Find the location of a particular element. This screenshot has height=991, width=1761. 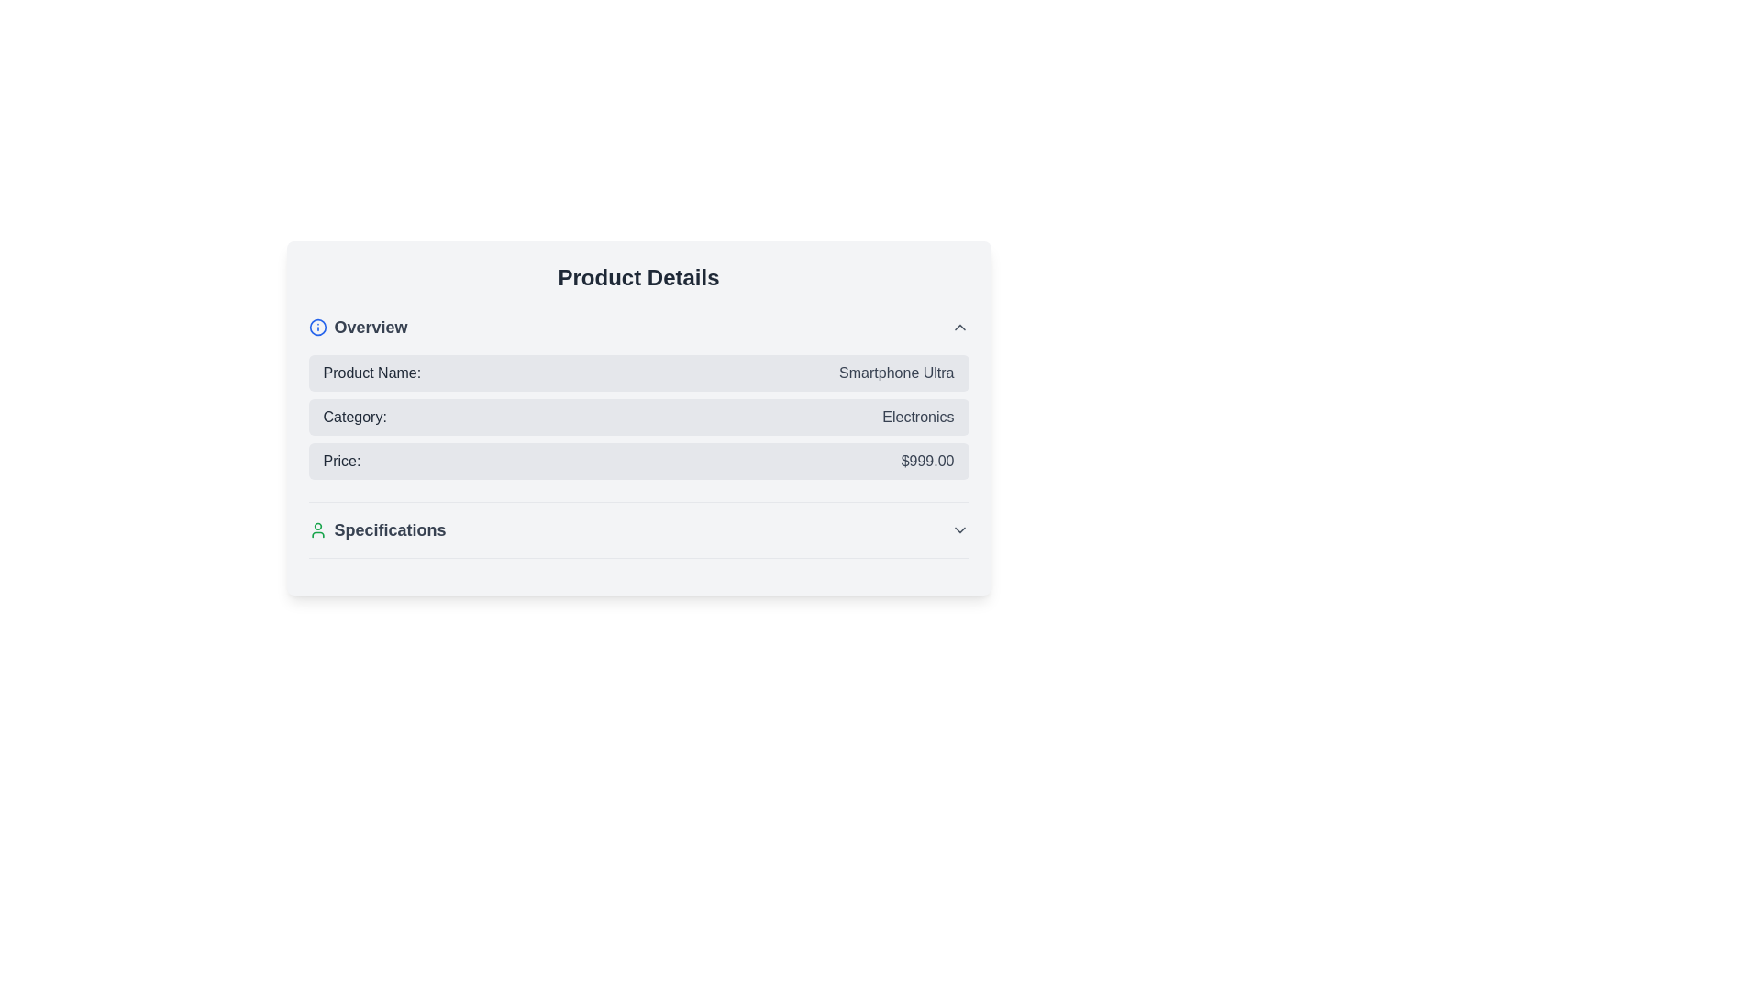

the Information Display Section that includes 'Product Name: Smartphone Ultra', 'Category: Electronics', and 'Price: $999.00' is located at coordinates (638, 407).